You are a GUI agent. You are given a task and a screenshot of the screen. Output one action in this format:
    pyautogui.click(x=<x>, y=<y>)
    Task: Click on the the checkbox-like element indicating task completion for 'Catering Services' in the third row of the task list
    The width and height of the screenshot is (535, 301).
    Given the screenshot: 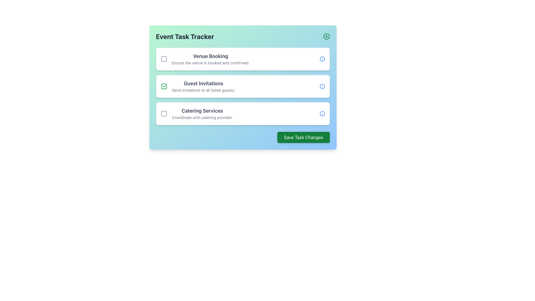 What is the action you would take?
    pyautogui.click(x=164, y=113)
    